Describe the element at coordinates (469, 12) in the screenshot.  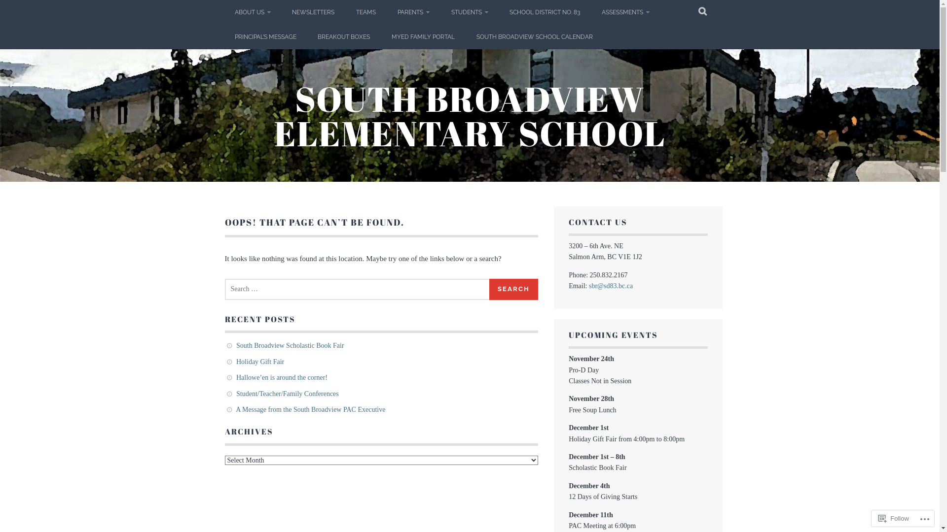
I see `'STUDENTS'` at that location.